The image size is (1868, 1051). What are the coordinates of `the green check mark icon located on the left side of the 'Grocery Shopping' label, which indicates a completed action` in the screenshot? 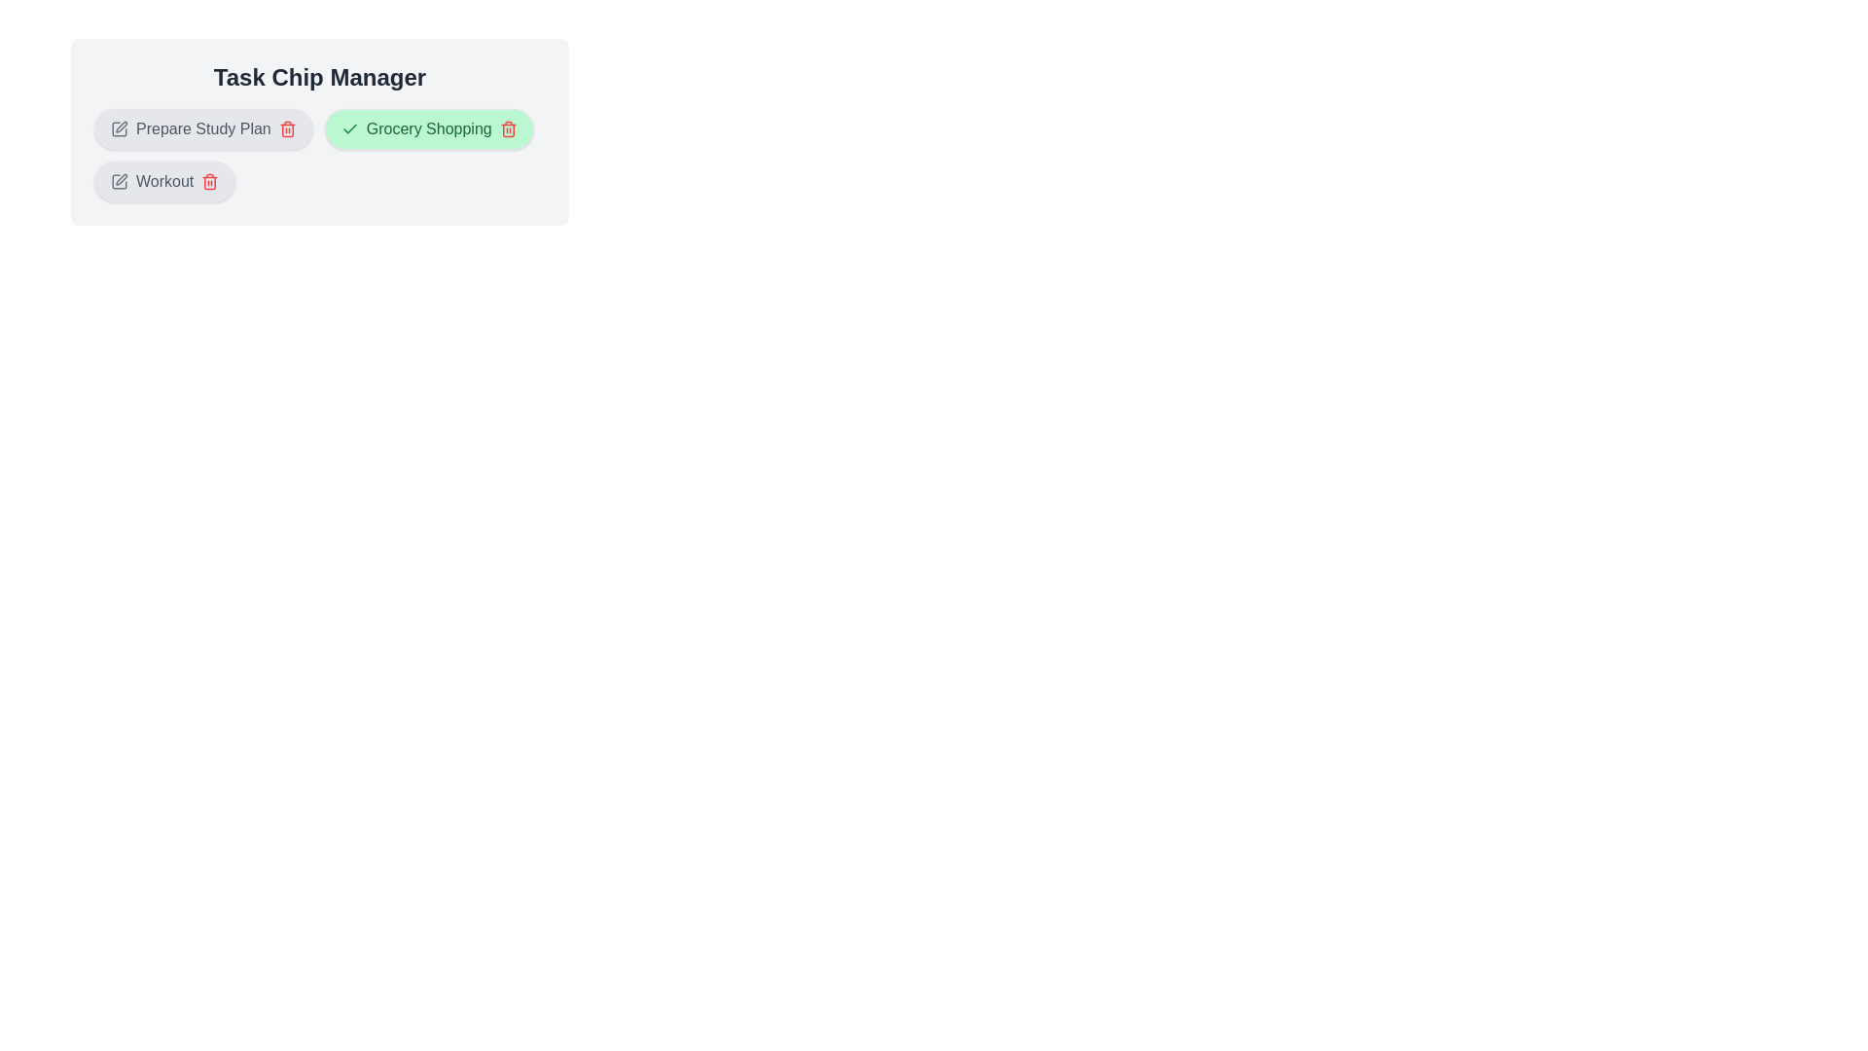 It's located at (349, 128).